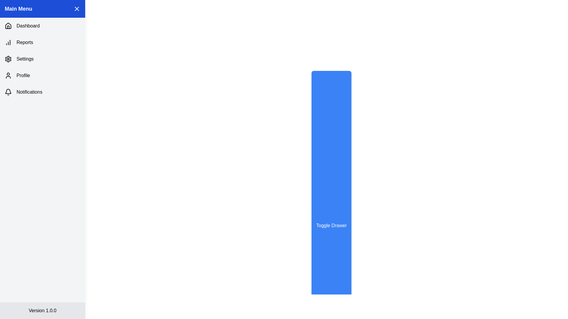 Image resolution: width=568 pixels, height=319 pixels. Describe the element at coordinates (76, 9) in the screenshot. I see `the lower-left component of the 'X' close icon located near the top-right corner of the blue header area titled 'Main Menu'` at that location.